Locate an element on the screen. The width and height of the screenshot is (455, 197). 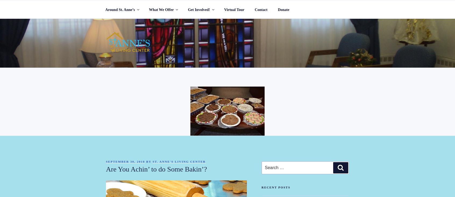
'Donate' is located at coordinates (283, 9).